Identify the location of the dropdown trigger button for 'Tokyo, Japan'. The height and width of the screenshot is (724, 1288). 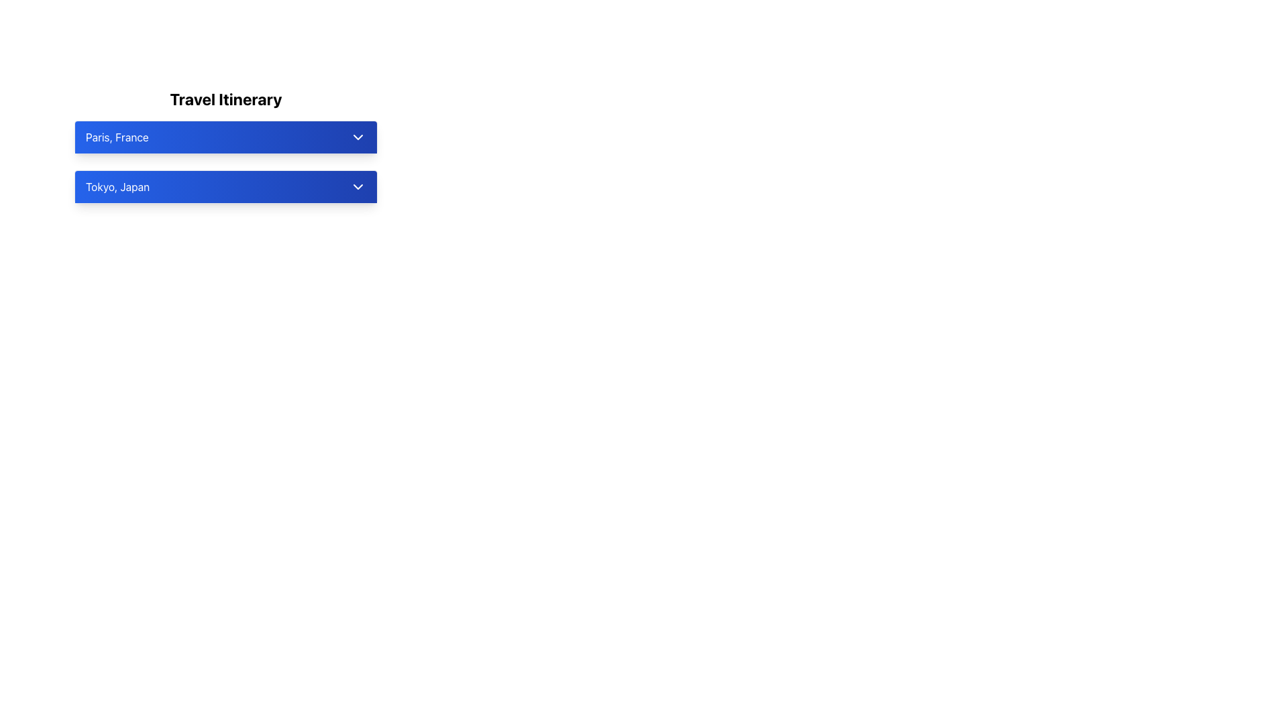
(225, 186).